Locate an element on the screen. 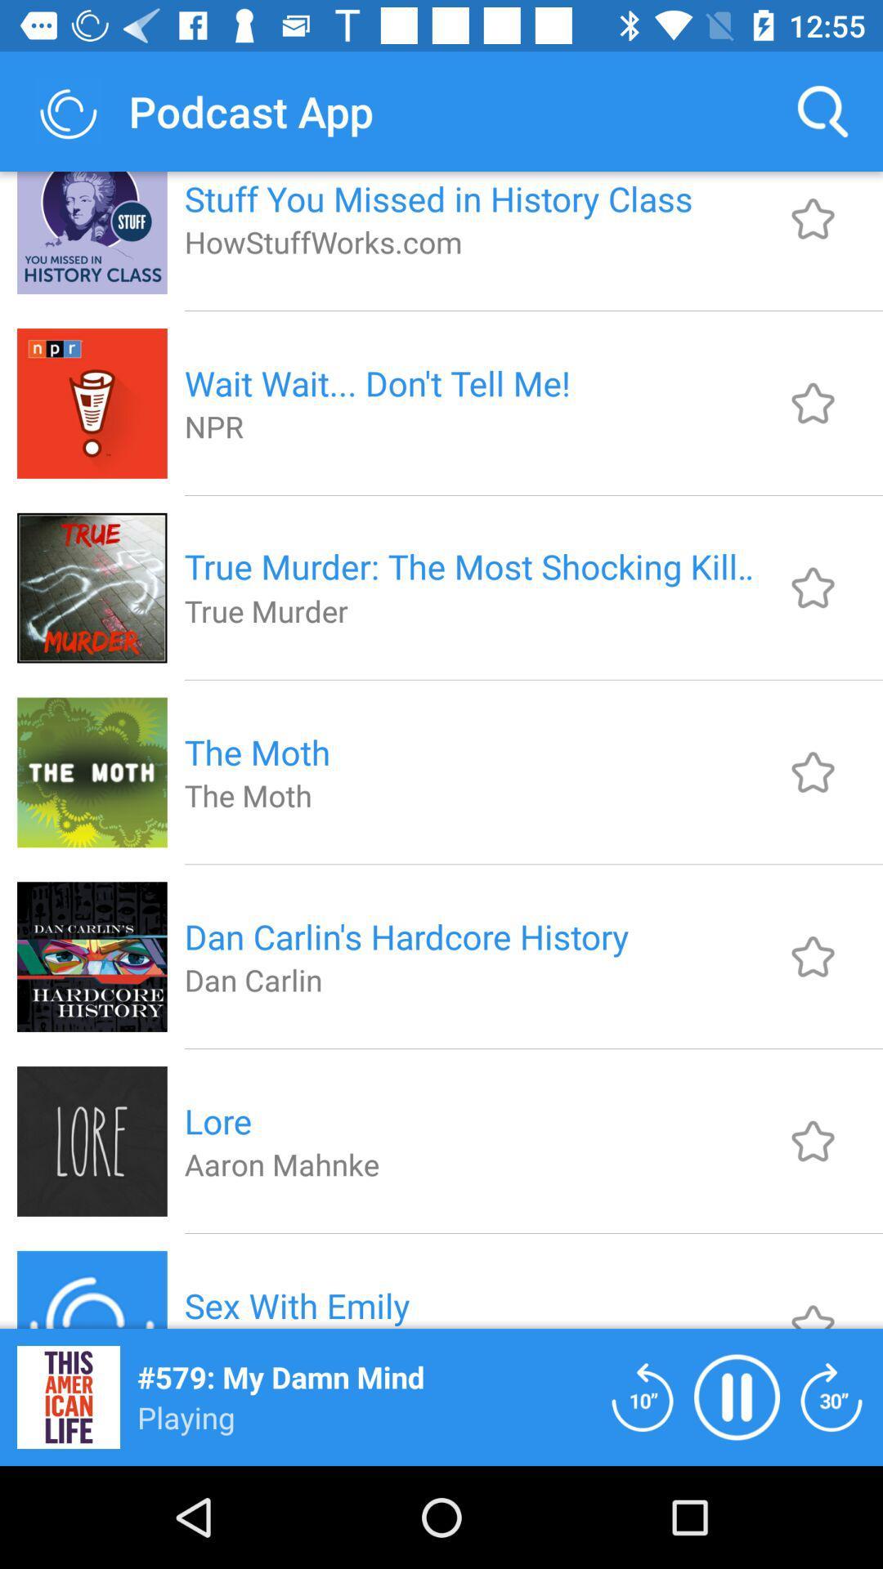 Image resolution: width=883 pixels, height=1569 pixels. fast forward for 30 seconds is located at coordinates (831, 1396).